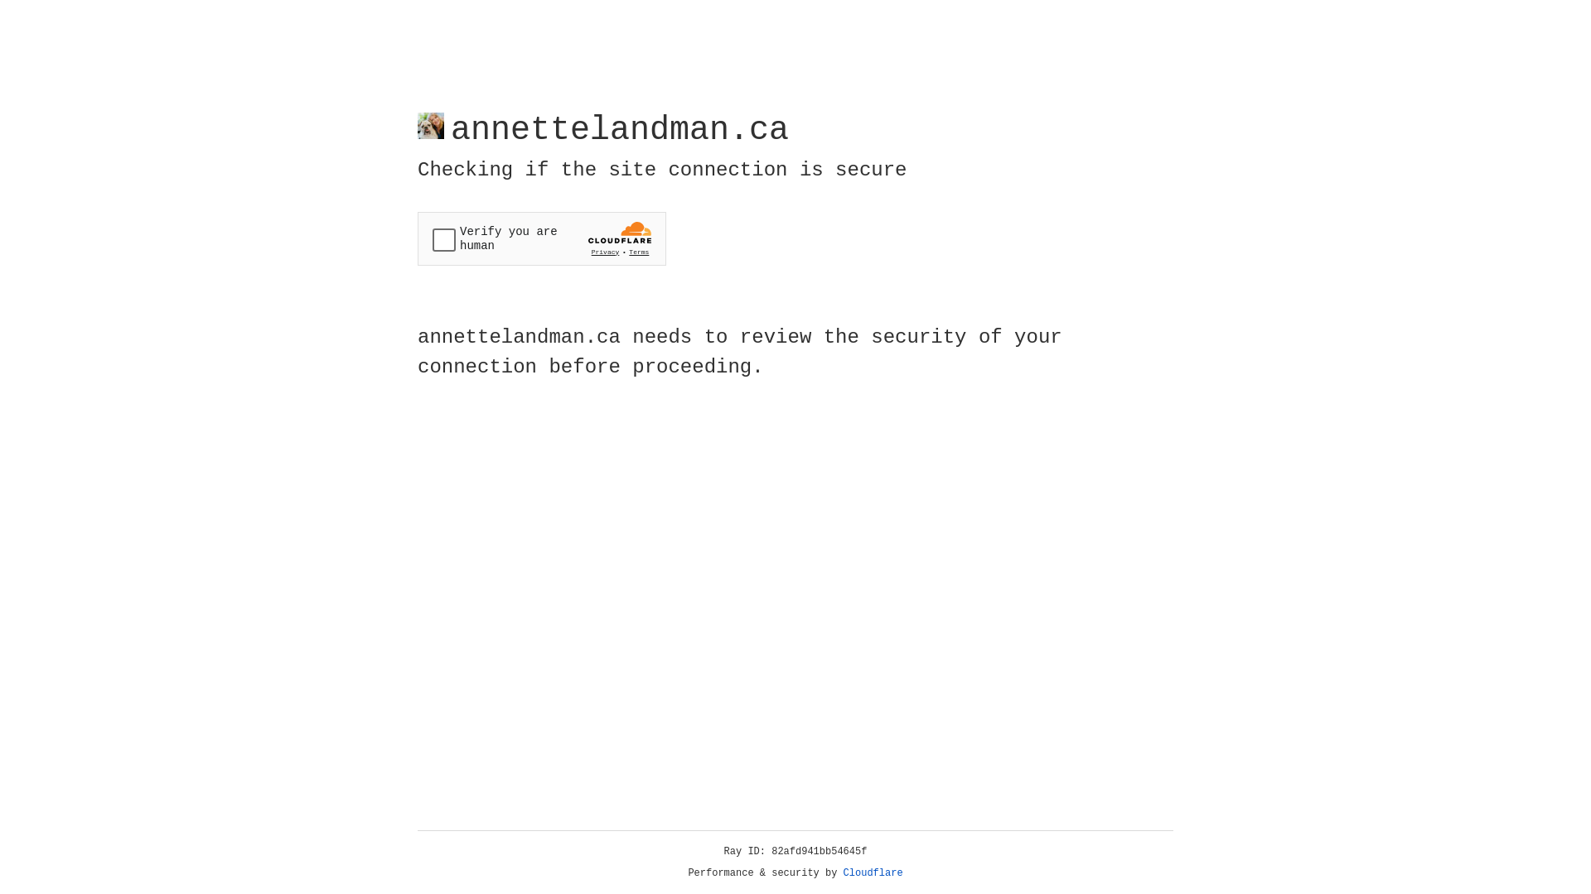 This screenshot has height=894, width=1591. Describe the element at coordinates (873, 872) in the screenshot. I see `'Cloudflare'` at that location.